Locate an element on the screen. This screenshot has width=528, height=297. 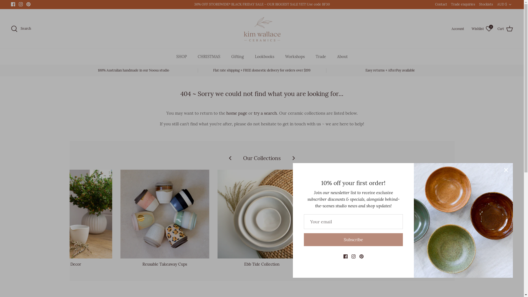
'Trade enquiries' is located at coordinates (463, 4).